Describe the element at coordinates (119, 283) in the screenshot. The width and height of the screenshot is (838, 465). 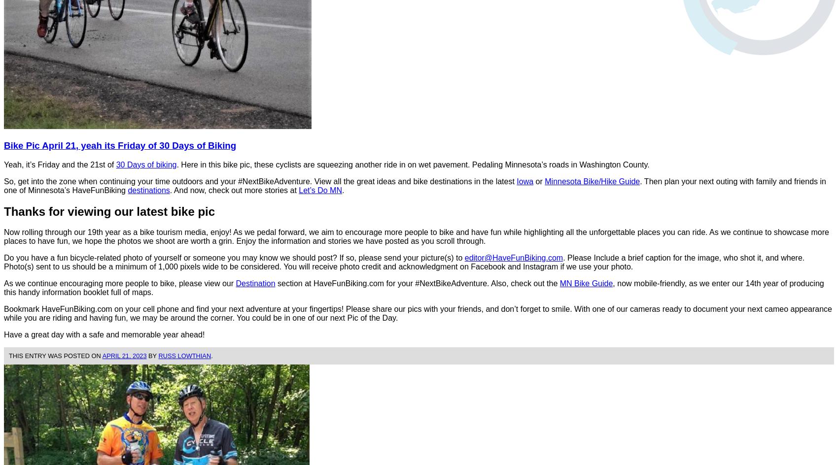
I see `'As we continue encouraging more people to bike, please view our'` at that location.